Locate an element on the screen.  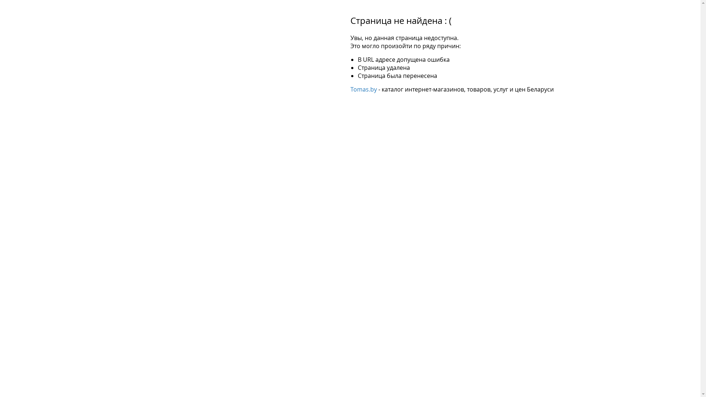
'Tomas.by' is located at coordinates (363, 89).